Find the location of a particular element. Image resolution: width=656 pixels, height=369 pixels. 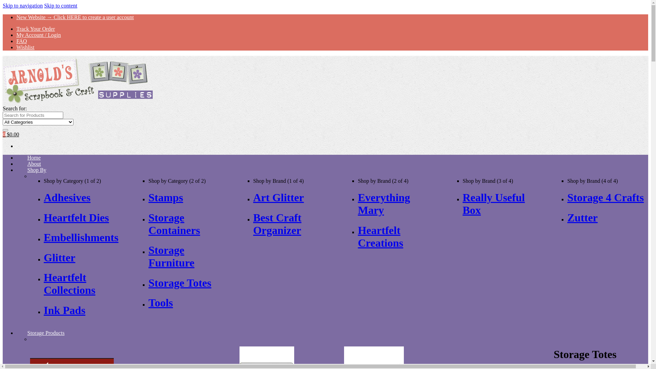

'About' is located at coordinates (16, 163).